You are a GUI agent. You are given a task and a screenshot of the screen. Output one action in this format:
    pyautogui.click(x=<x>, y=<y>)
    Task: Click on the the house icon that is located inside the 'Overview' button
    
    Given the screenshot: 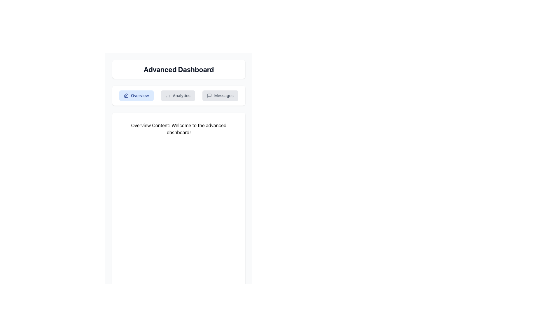 What is the action you would take?
    pyautogui.click(x=126, y=95)
    